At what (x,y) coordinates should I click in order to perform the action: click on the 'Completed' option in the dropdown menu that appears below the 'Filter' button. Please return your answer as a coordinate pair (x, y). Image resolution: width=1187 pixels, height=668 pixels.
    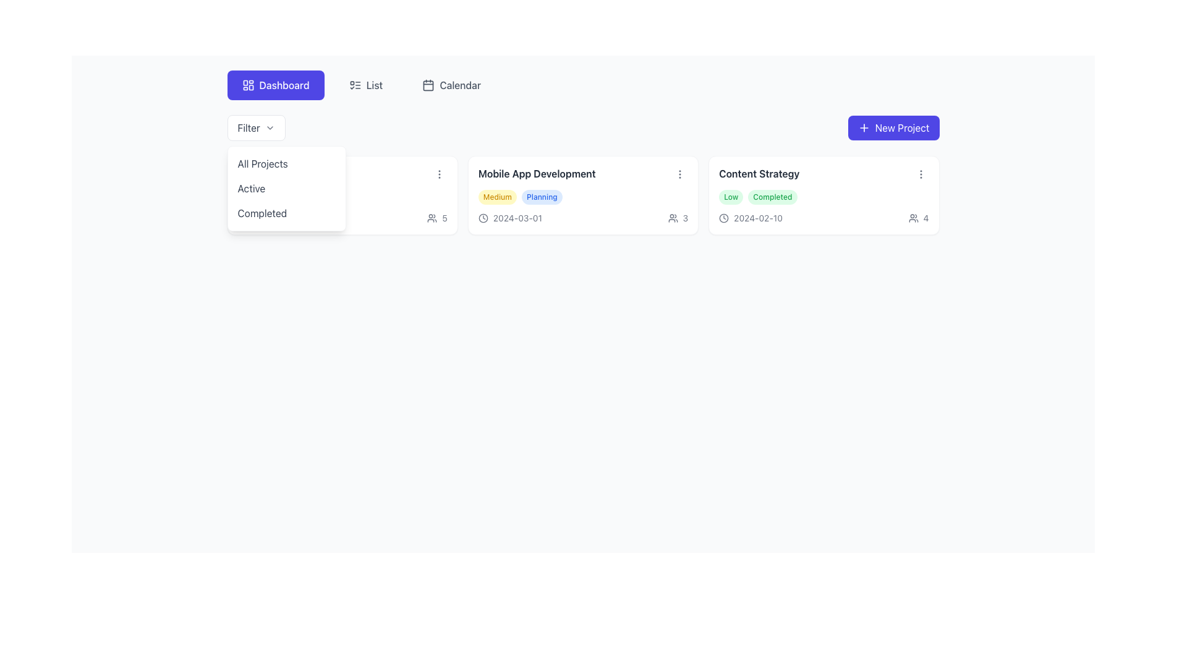
    Looking at the image, I should click on (286, 212).